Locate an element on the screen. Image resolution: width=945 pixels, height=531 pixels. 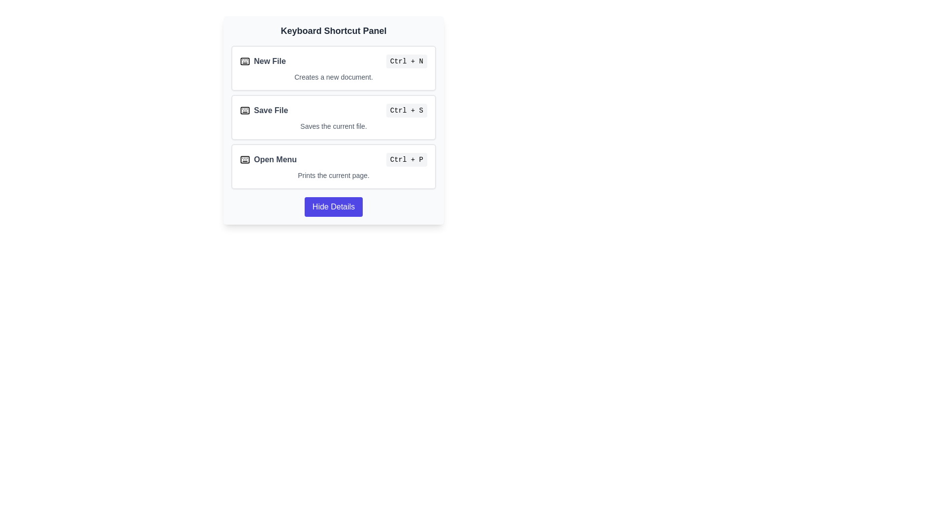
shortcut information from the first list item under the 'Keyboard Shortcut Panel', which provides a shortcut reference for creating a new file is located at coordinates (333, 61).